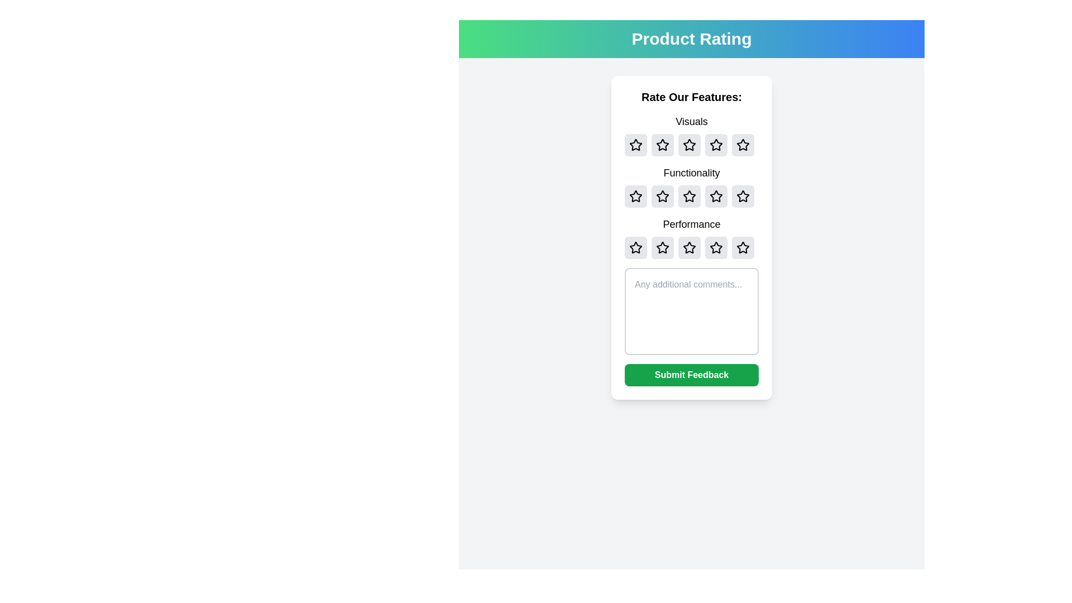 The height and width of the screenshot is (603, 1072). Describe the element at coordinates (688, 144) in the screenshot. I see `the second star icon in the 'Visuals' rating system` at that location.